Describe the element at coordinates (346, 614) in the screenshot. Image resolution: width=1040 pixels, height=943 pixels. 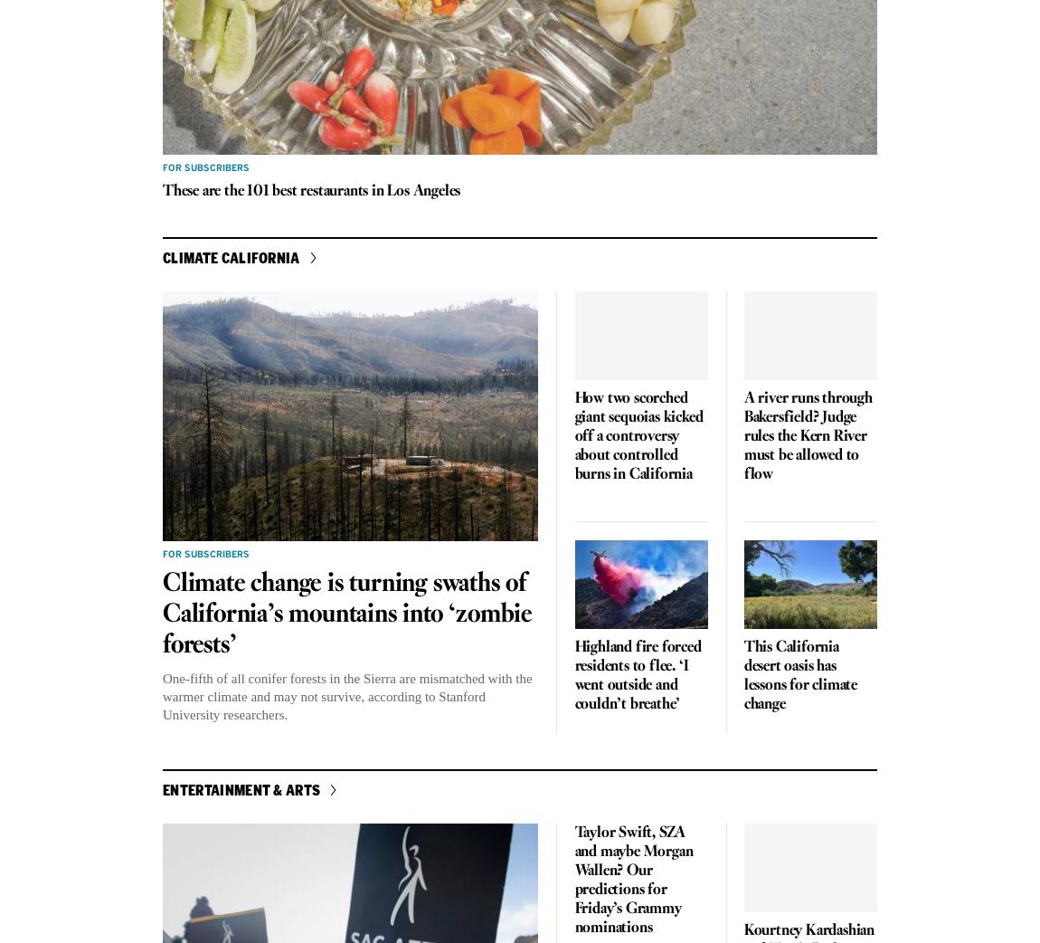
I see `'Climate change is turning swaths of California’s mountains into ‘zombie forests’'` at that location.